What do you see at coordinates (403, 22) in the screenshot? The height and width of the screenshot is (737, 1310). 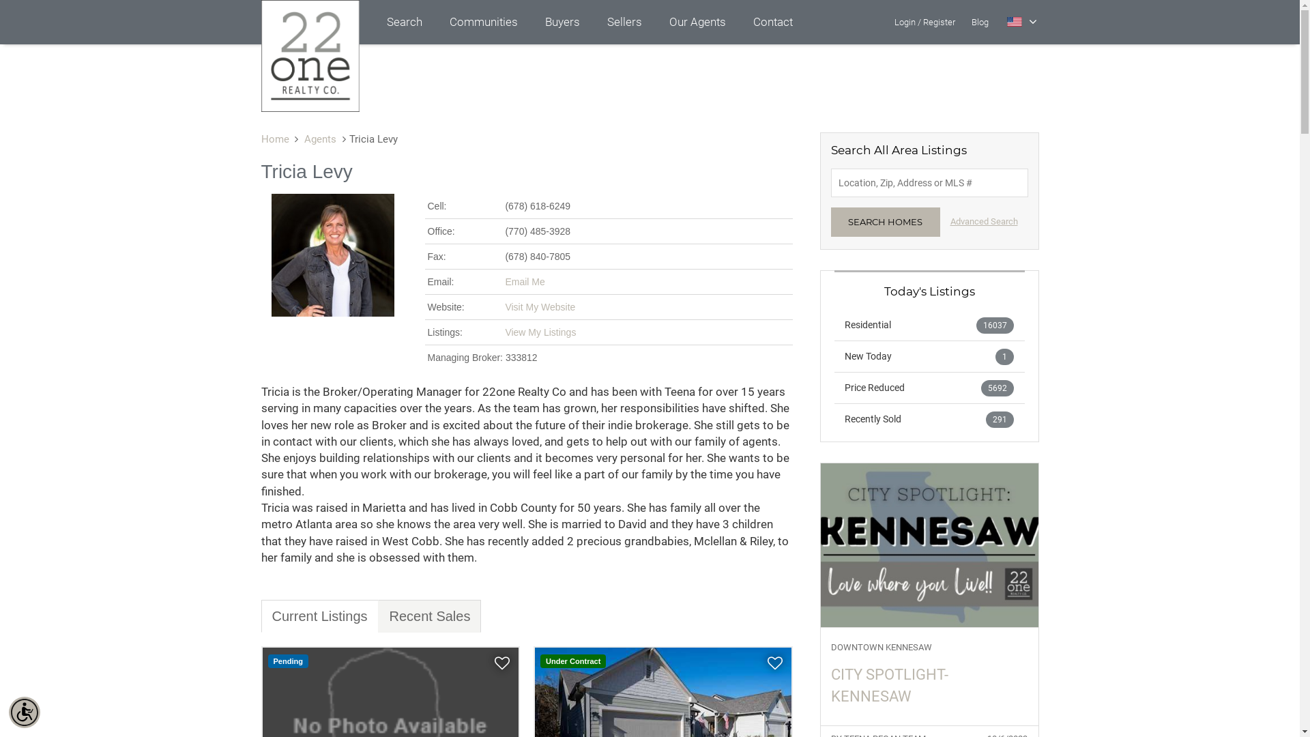 I see `'Search'` at bounding box center [403, 22].